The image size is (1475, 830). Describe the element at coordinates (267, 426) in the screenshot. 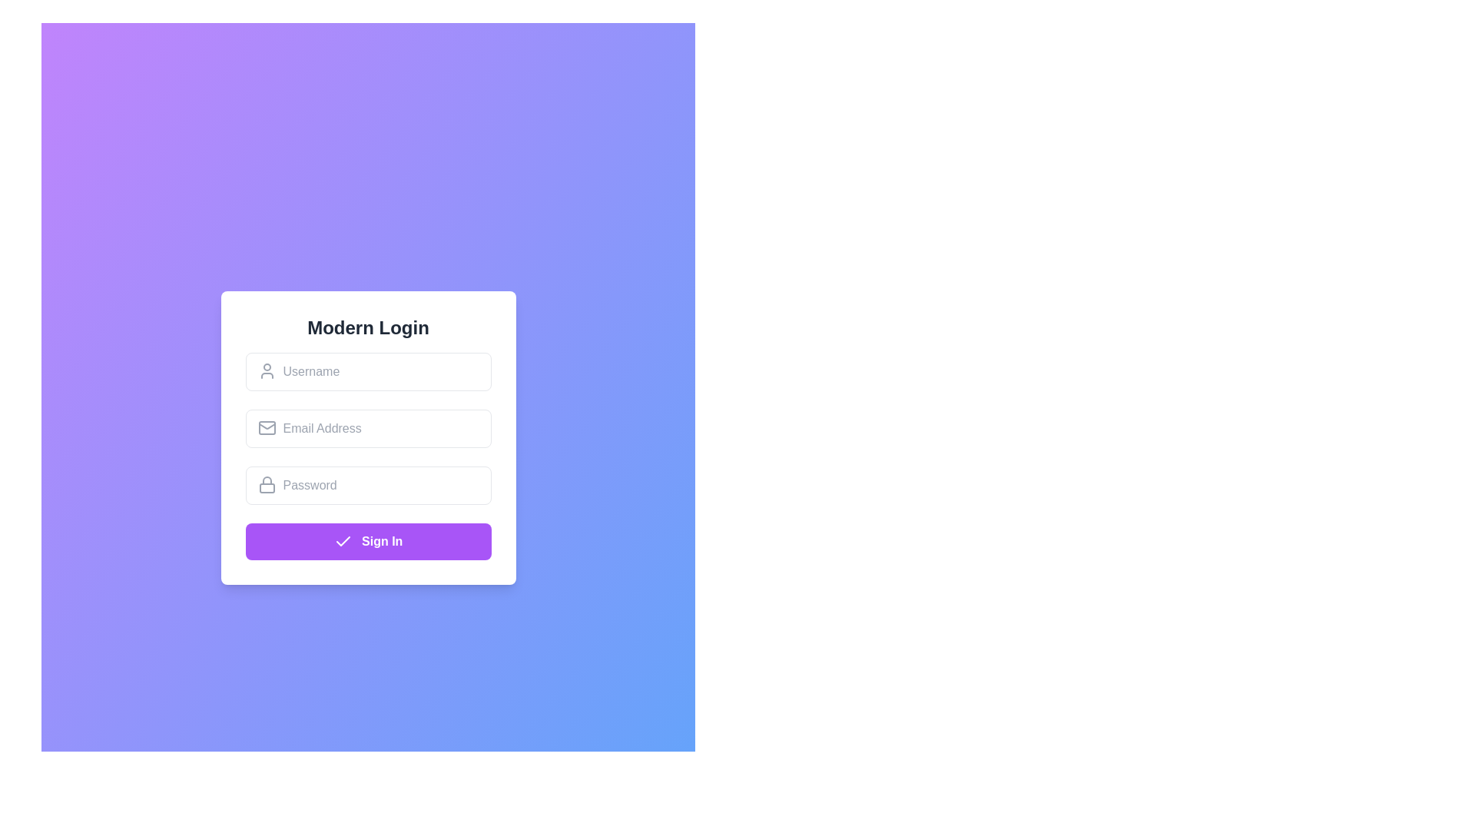

I see `the inner envelope fold detail of the mail icon, which is a visual decoration within the SVG graphic of the email representation in the login form` at that location.